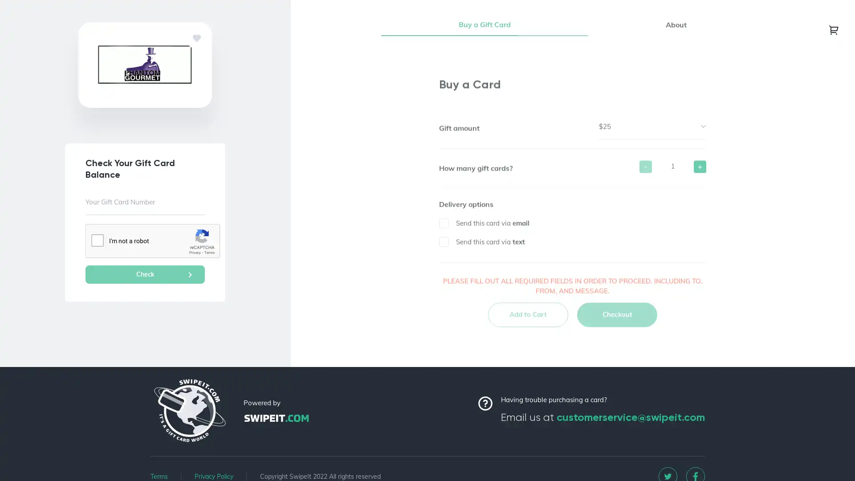  Describe the element at coordinates (645, 171) in the screenshot. I see `-` at that location.